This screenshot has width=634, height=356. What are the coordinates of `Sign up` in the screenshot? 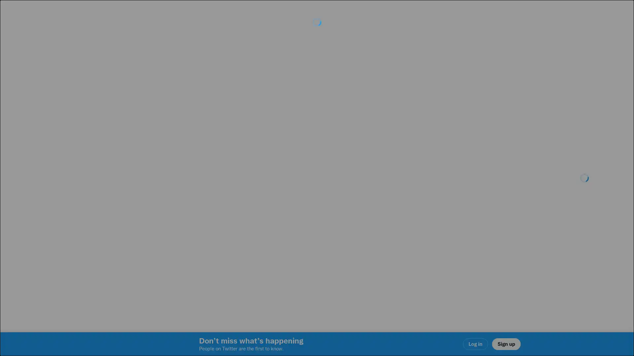 It's located at (238, 224).